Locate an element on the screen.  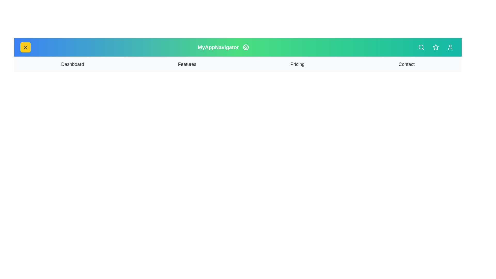
the 'User' icon in the top-right corner of the app bar is located at coordinates (450, 47).